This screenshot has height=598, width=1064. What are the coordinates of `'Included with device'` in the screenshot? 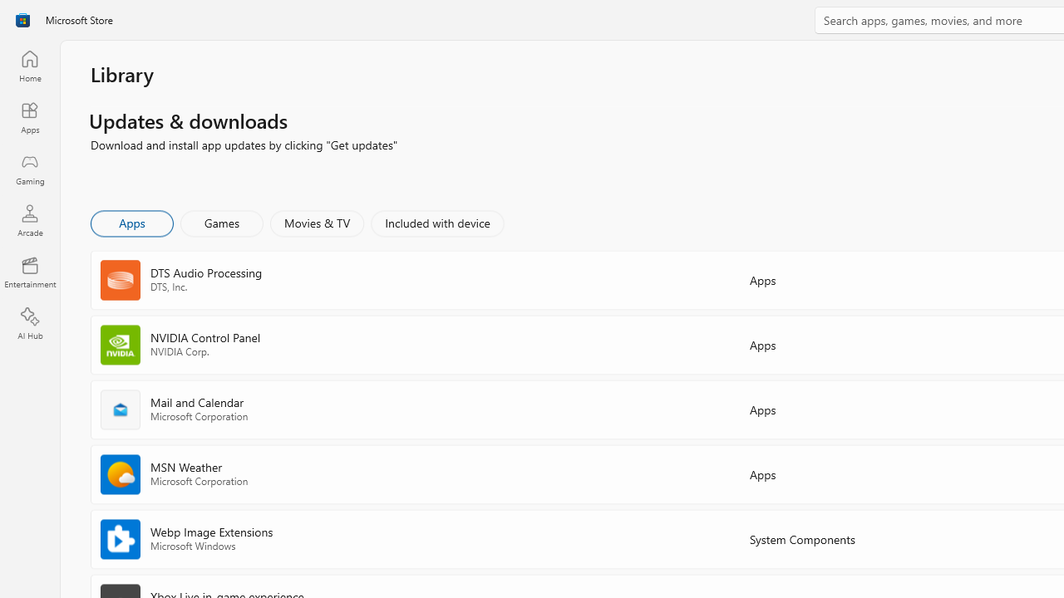 It's located at (436, 222).